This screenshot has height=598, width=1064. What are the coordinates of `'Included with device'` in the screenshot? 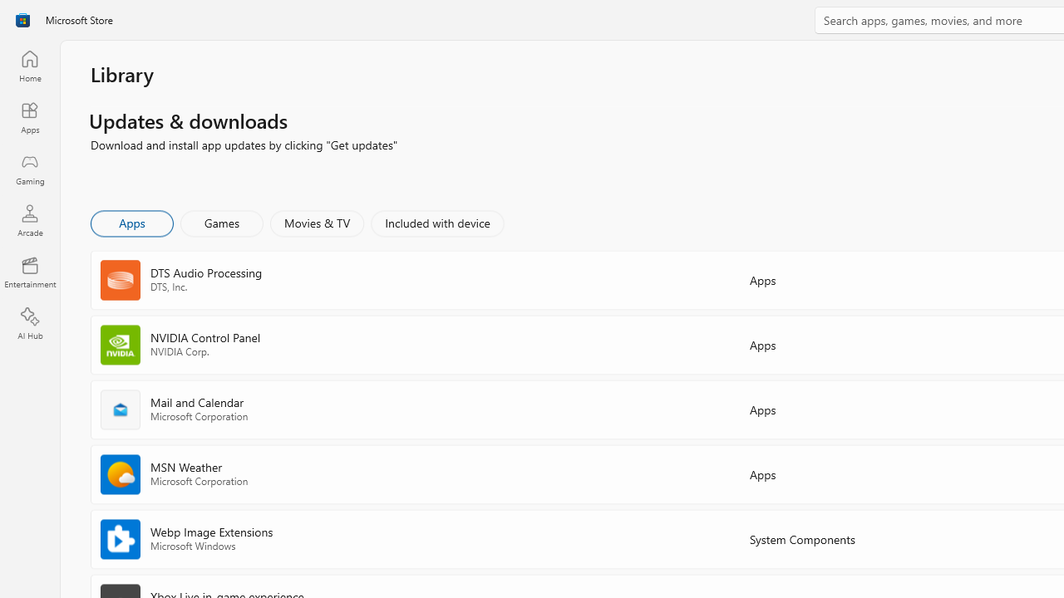 It's located at (436, 222).